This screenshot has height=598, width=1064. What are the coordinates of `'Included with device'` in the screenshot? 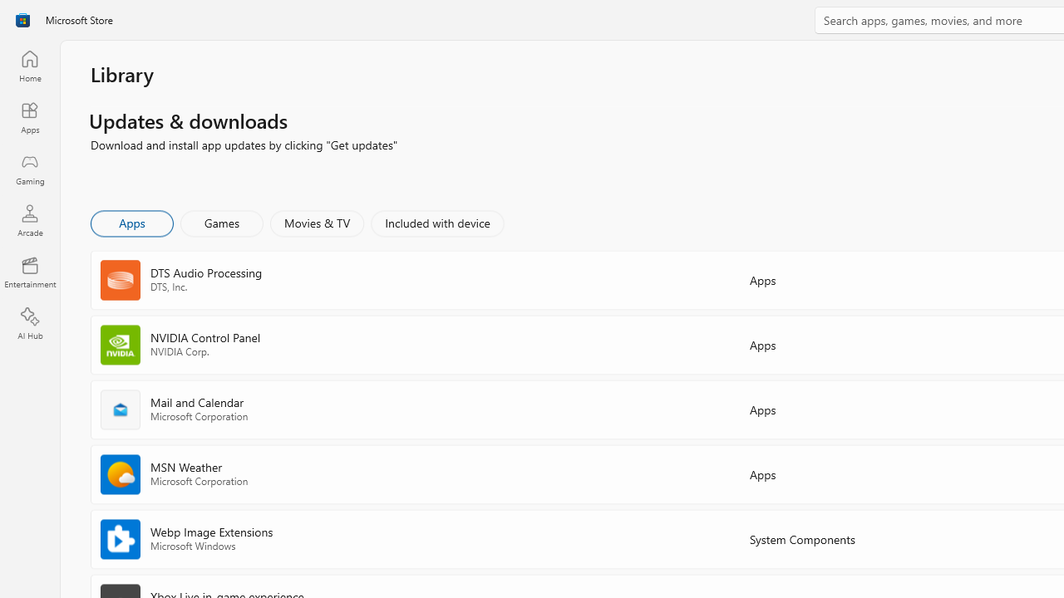 It's located at (436, 222).